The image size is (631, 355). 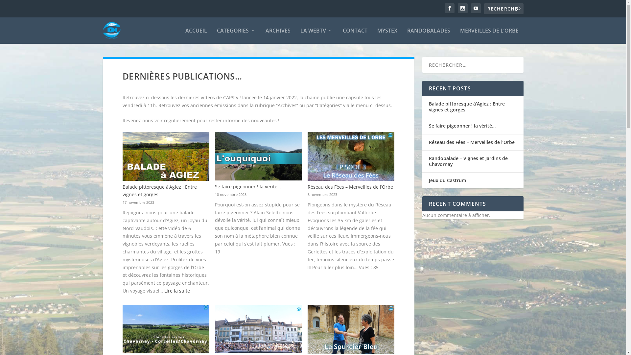 What do you see at coordinates (447, 180) in the screenshot?
I see `'Jeux du Castrum'` at bounding box center [447, 180].